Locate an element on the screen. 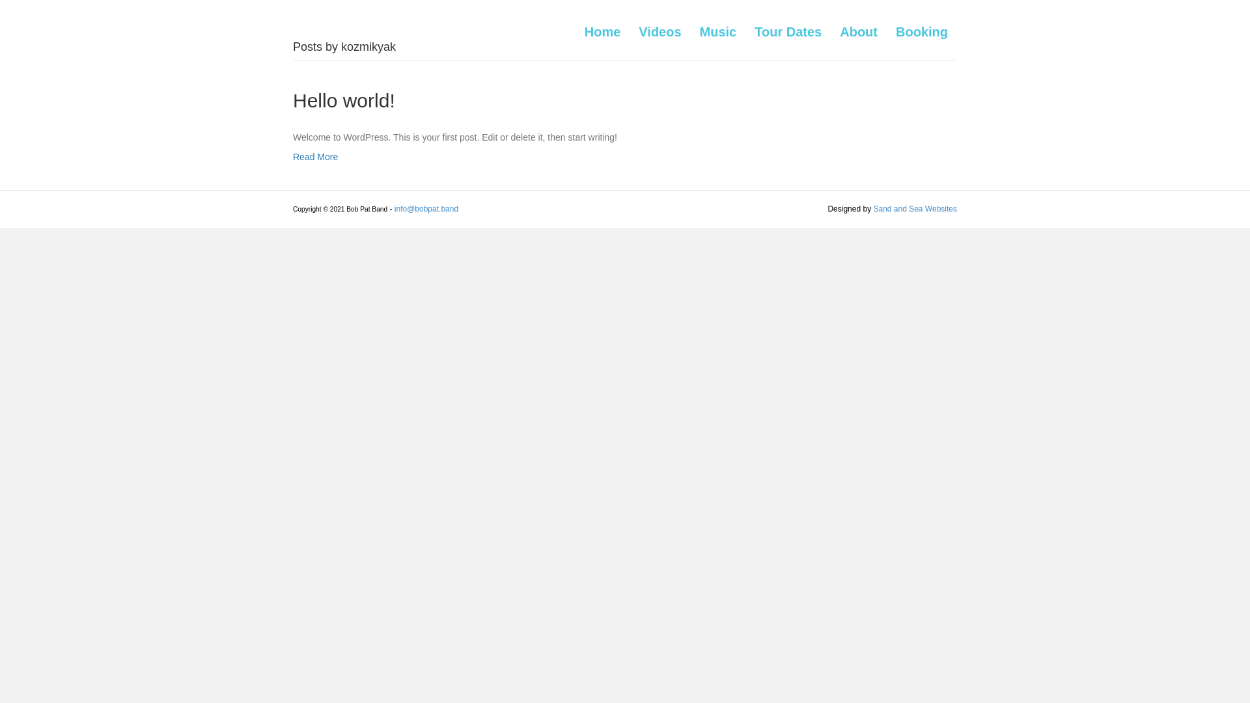  'About' is located at coordinates (859, 31).